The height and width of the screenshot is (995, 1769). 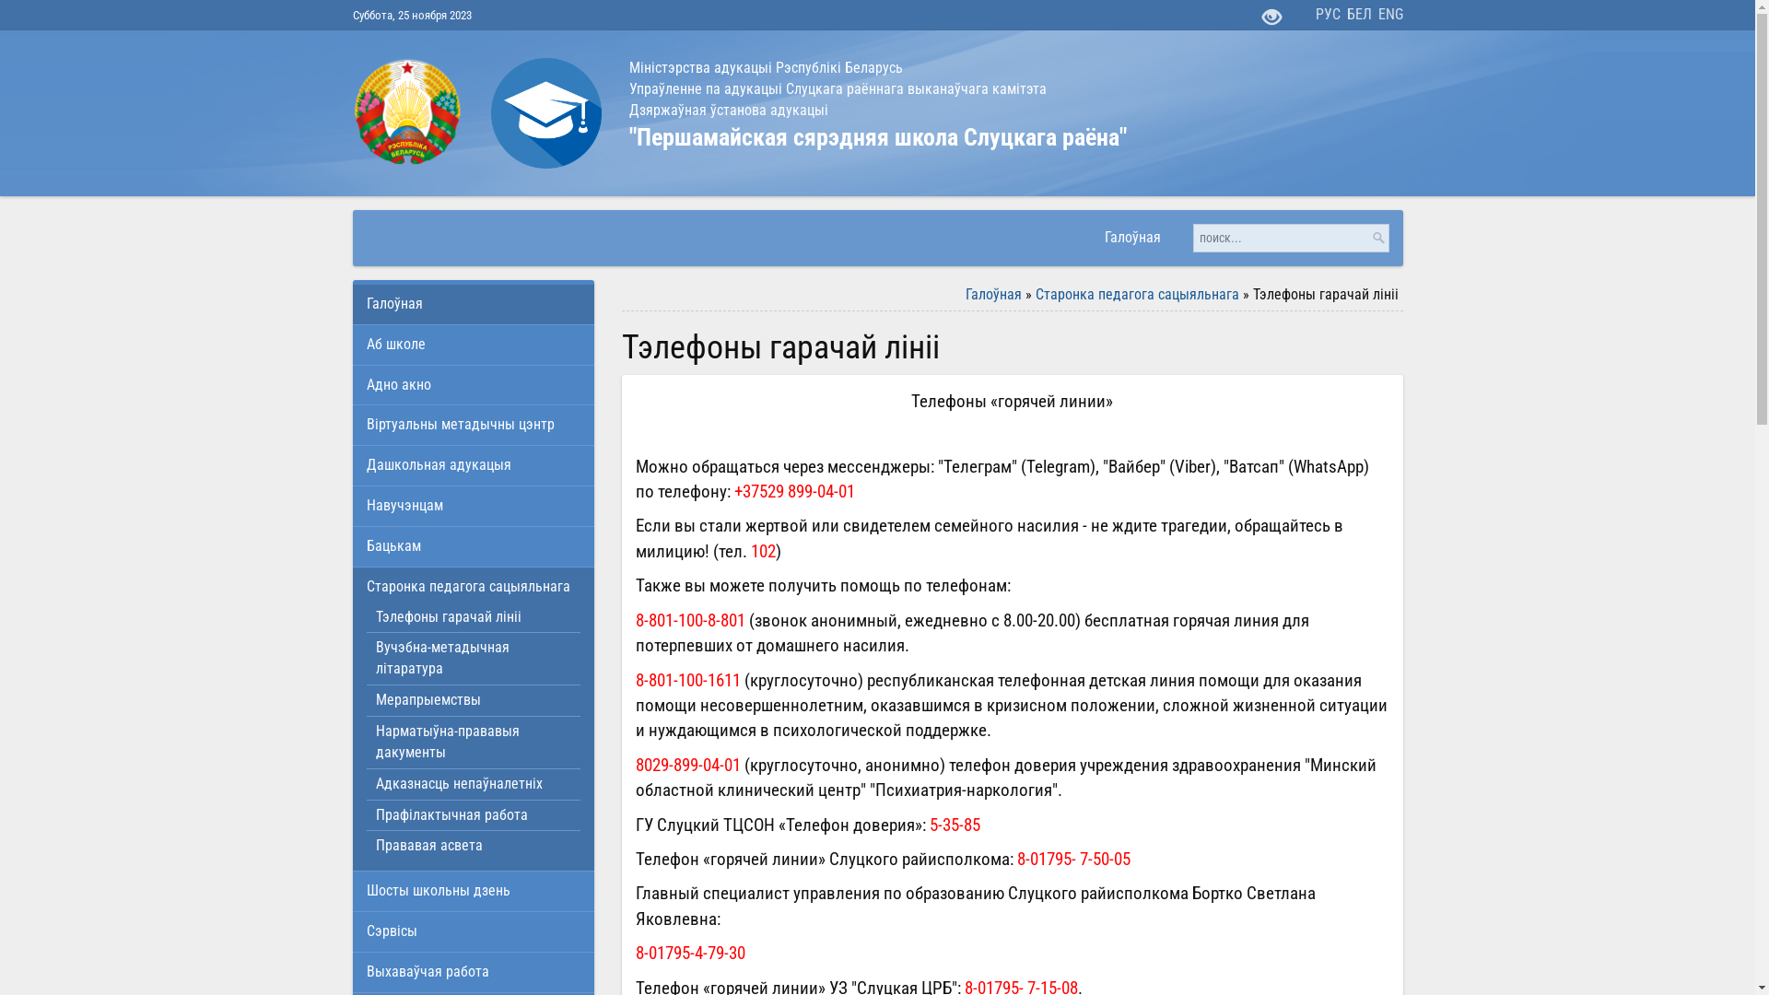 What do you see at coordinates (1390, 15) in the screenshot?
I see `'ENG'` at bounding box center [1390, 15].